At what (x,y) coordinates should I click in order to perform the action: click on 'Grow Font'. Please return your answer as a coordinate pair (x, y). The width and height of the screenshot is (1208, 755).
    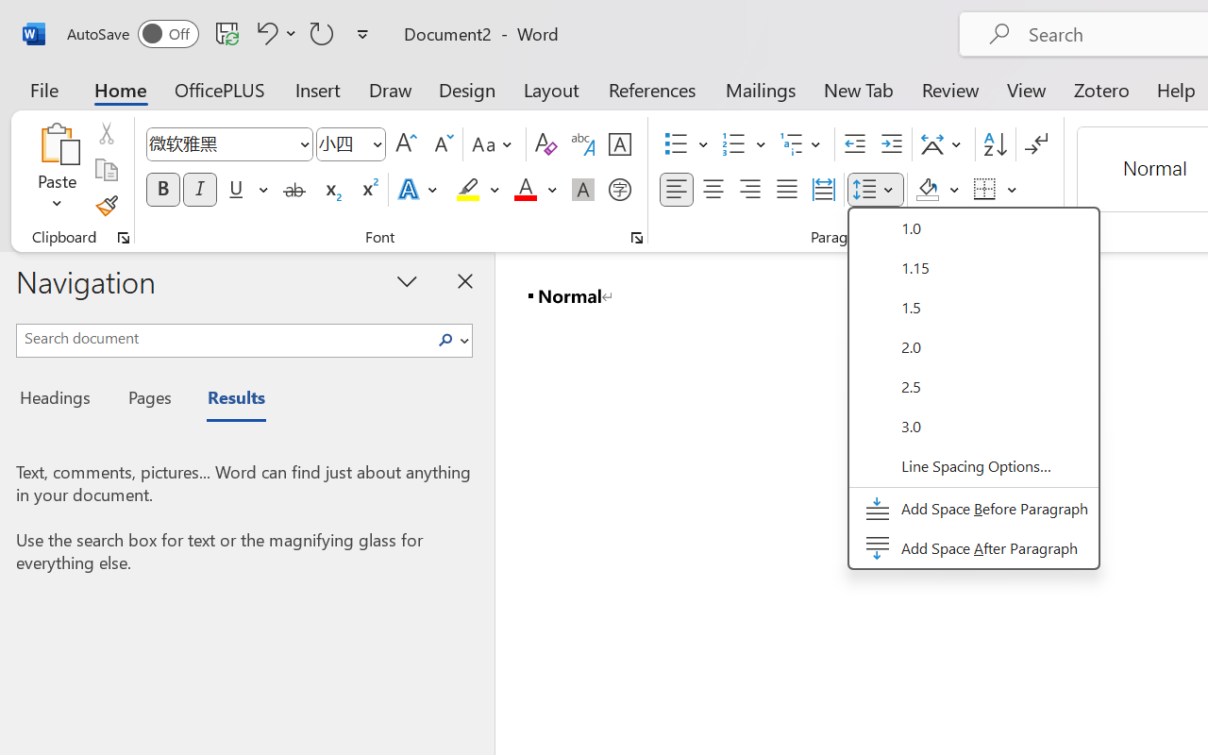
    Looking at the image, I should click on (405, 144).